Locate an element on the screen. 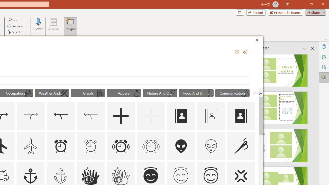 The image size is (329, 185). '"Communication" Icons.' is located at coordinates (232, 93).